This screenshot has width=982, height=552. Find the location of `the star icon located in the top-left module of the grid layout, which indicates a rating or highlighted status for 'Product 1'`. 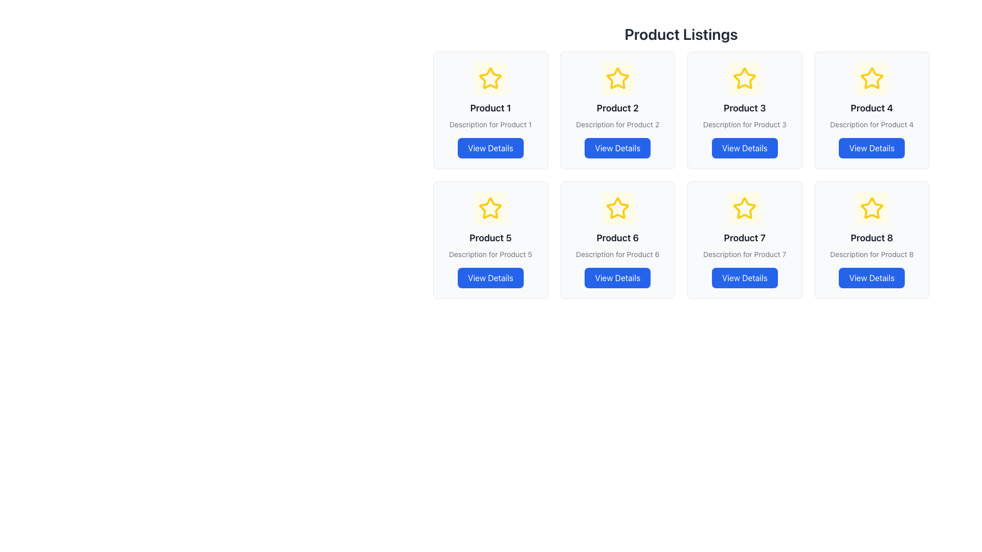

the star icon located in the top-left module of the grid layout, which indicates a rating or highlighted status for 'Product 1' is located at coordinates (490, 78).